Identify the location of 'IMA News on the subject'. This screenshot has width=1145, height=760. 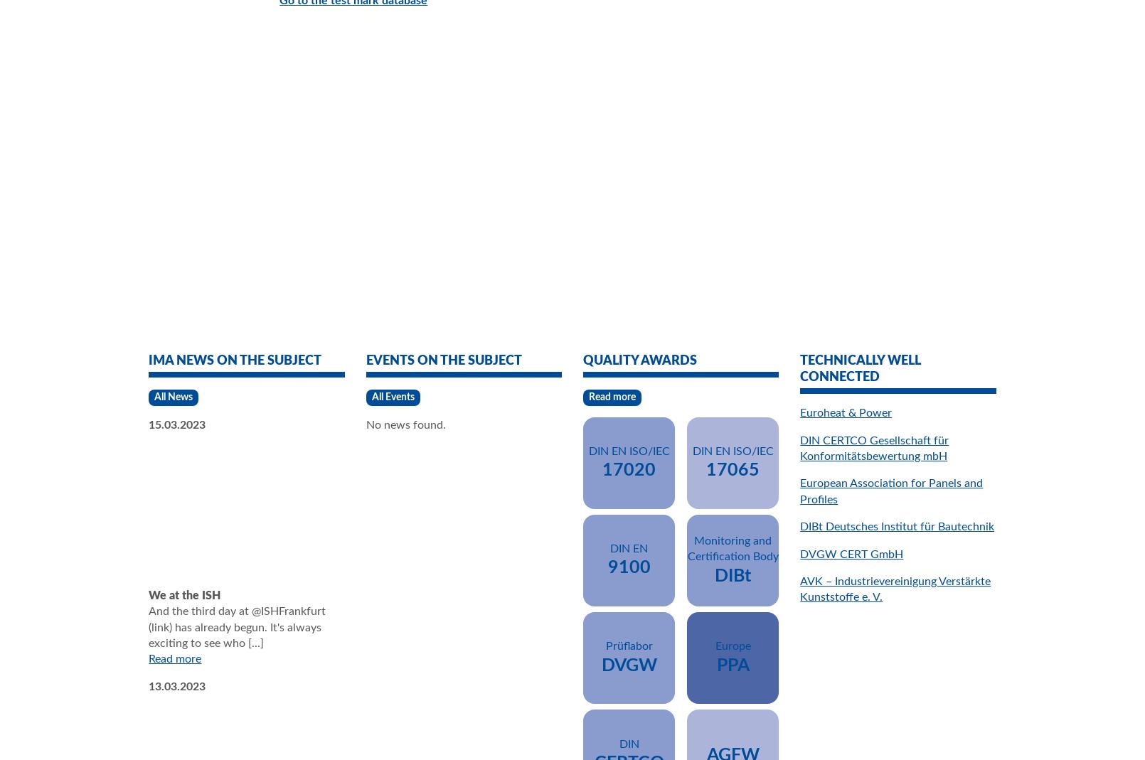
(234, 360).